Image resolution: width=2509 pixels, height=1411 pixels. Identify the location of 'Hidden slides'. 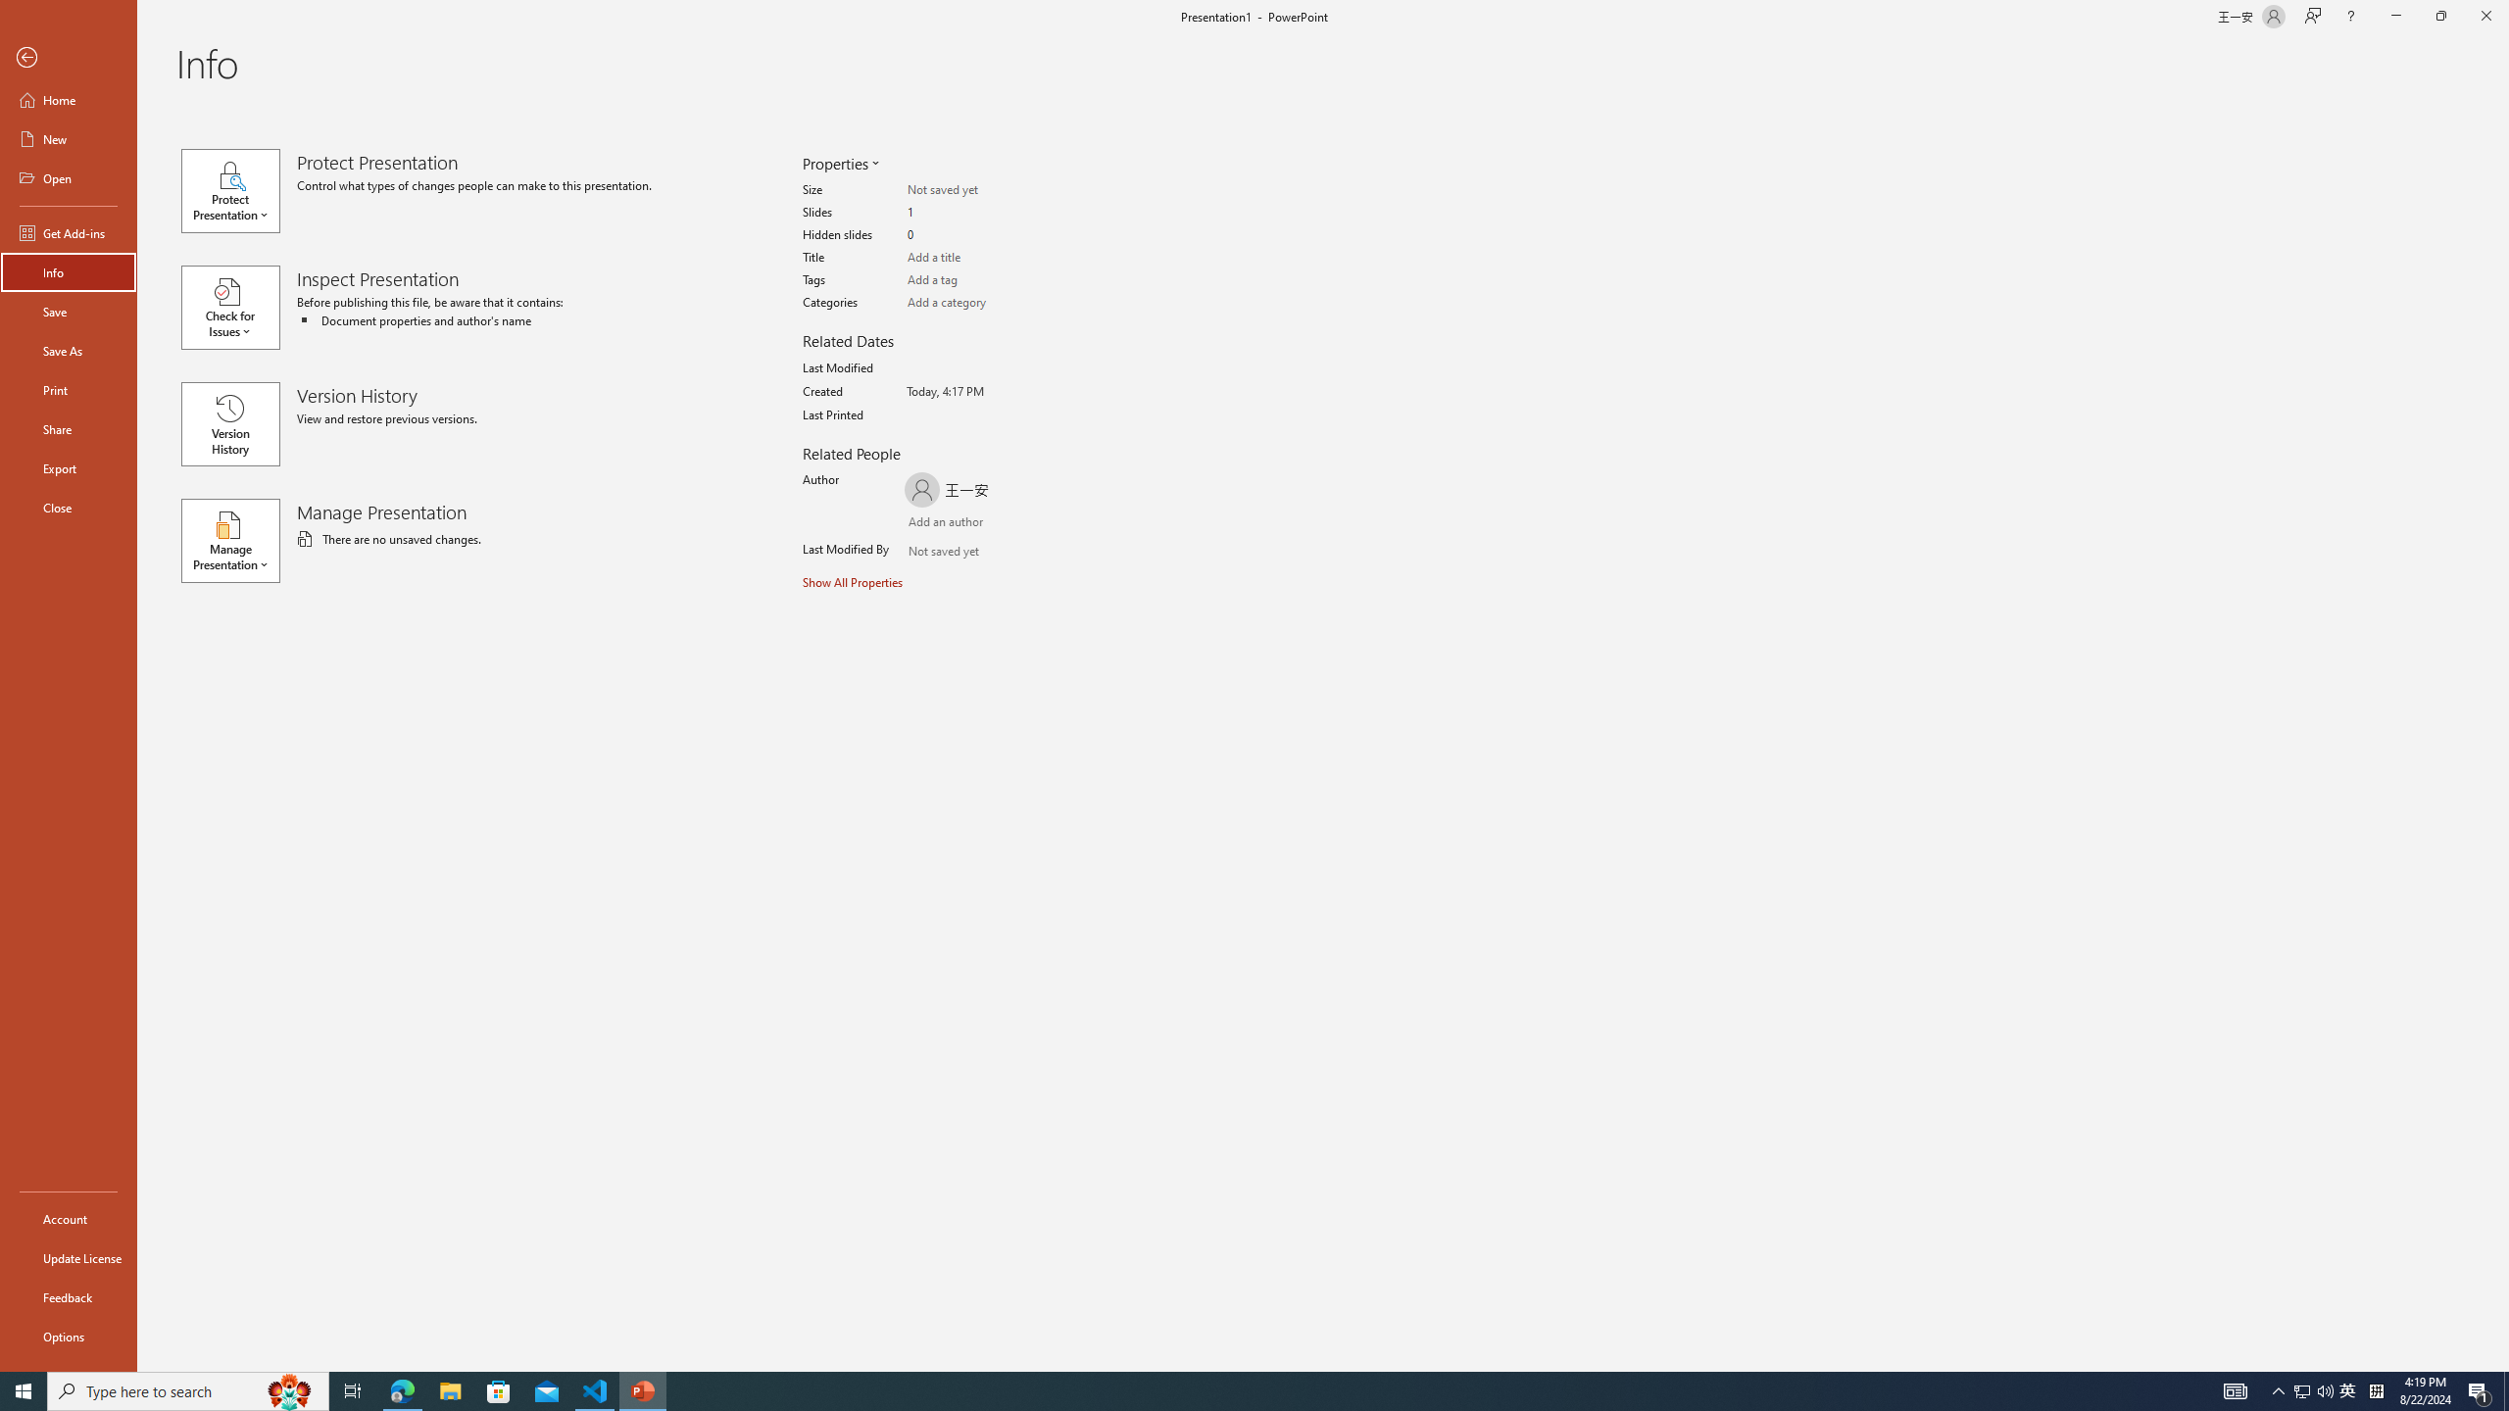
(983, 235).